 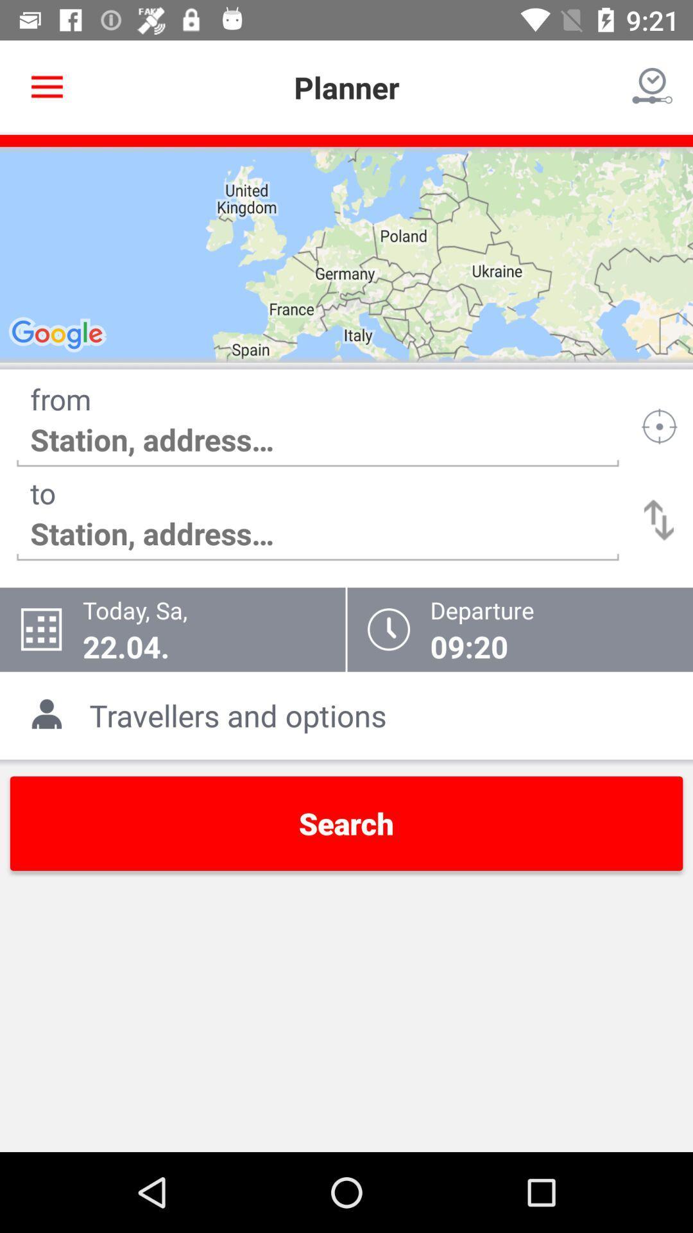 What do you see at coordinates (51, 715) in the screenshot?
I see `the icon which is left to the text travellers and options` at bounding box center [51, 715].